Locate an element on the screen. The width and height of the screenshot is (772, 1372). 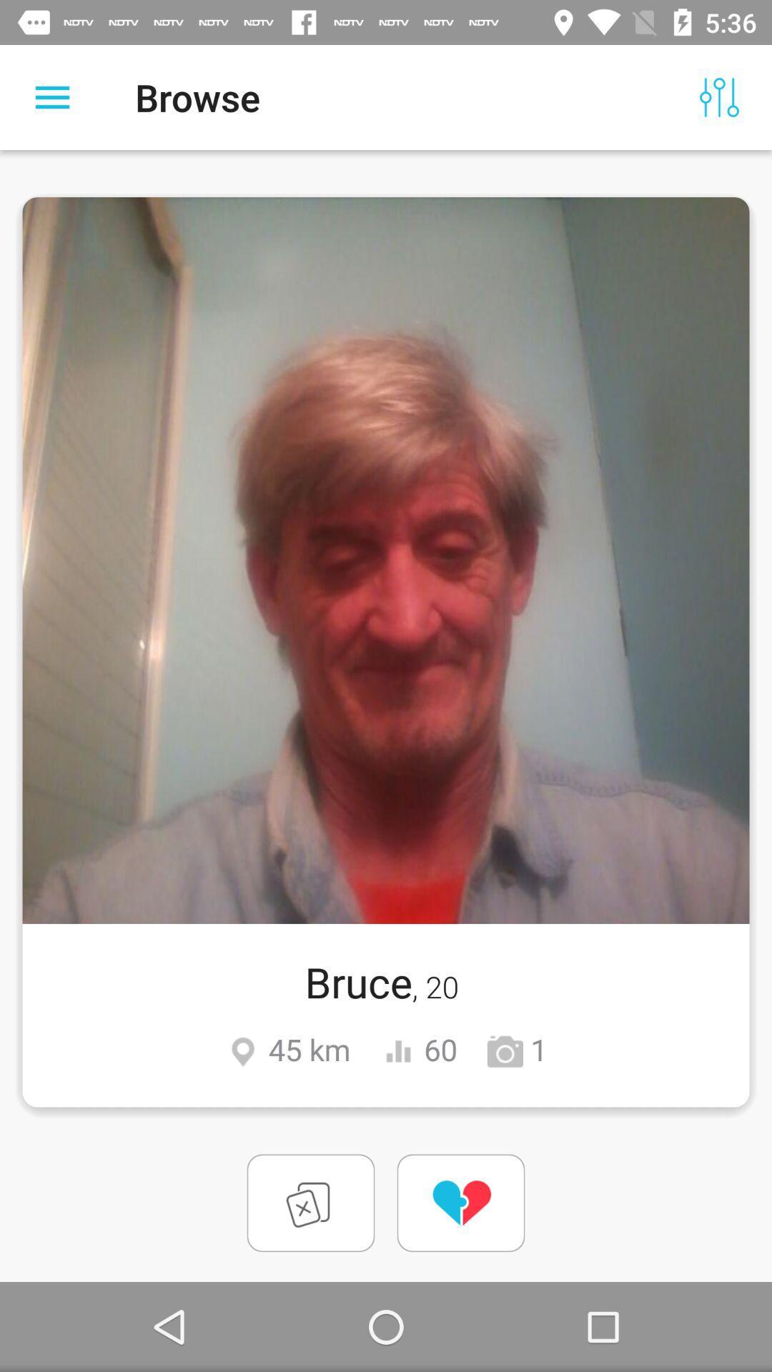
the icon to the left of the browse item is located at coordinates (51, 96).